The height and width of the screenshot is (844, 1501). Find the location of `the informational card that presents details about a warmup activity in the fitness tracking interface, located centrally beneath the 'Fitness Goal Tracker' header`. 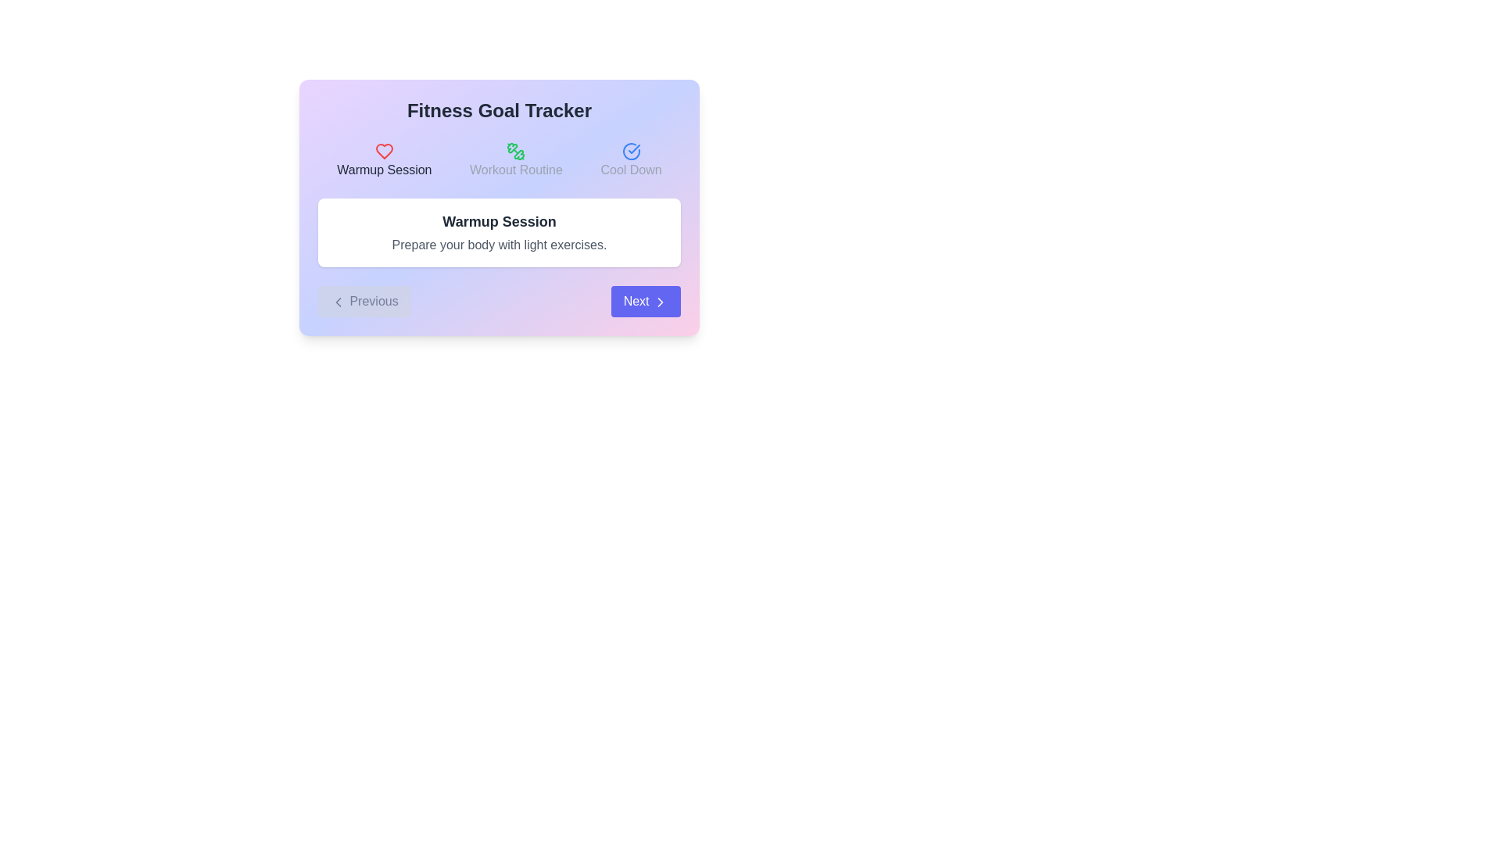

the informational card that presents details about a warmup activity in the fitness tracking interface, located centrally beneath the 'Fitness Goal Tracker' header is located at coordinates (498, 232).